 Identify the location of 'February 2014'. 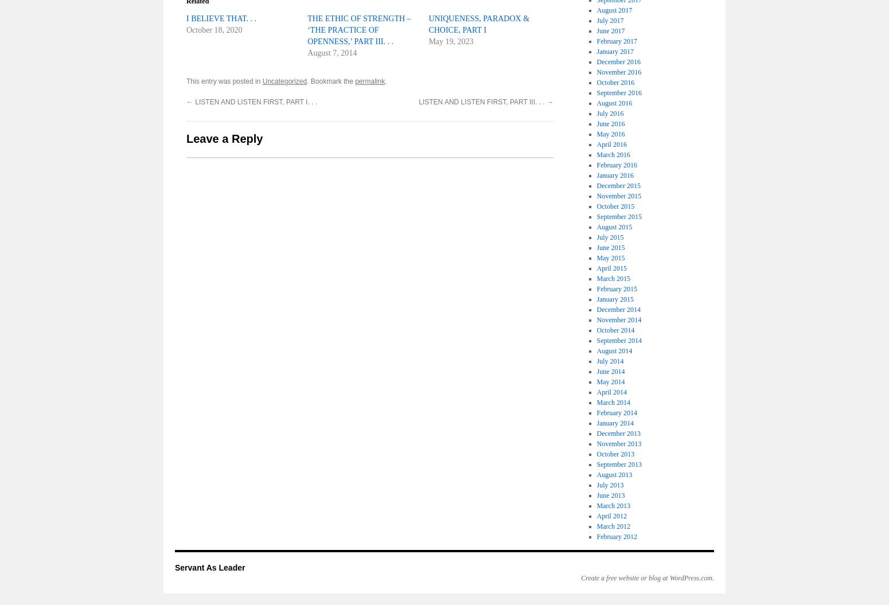
(616, 413).